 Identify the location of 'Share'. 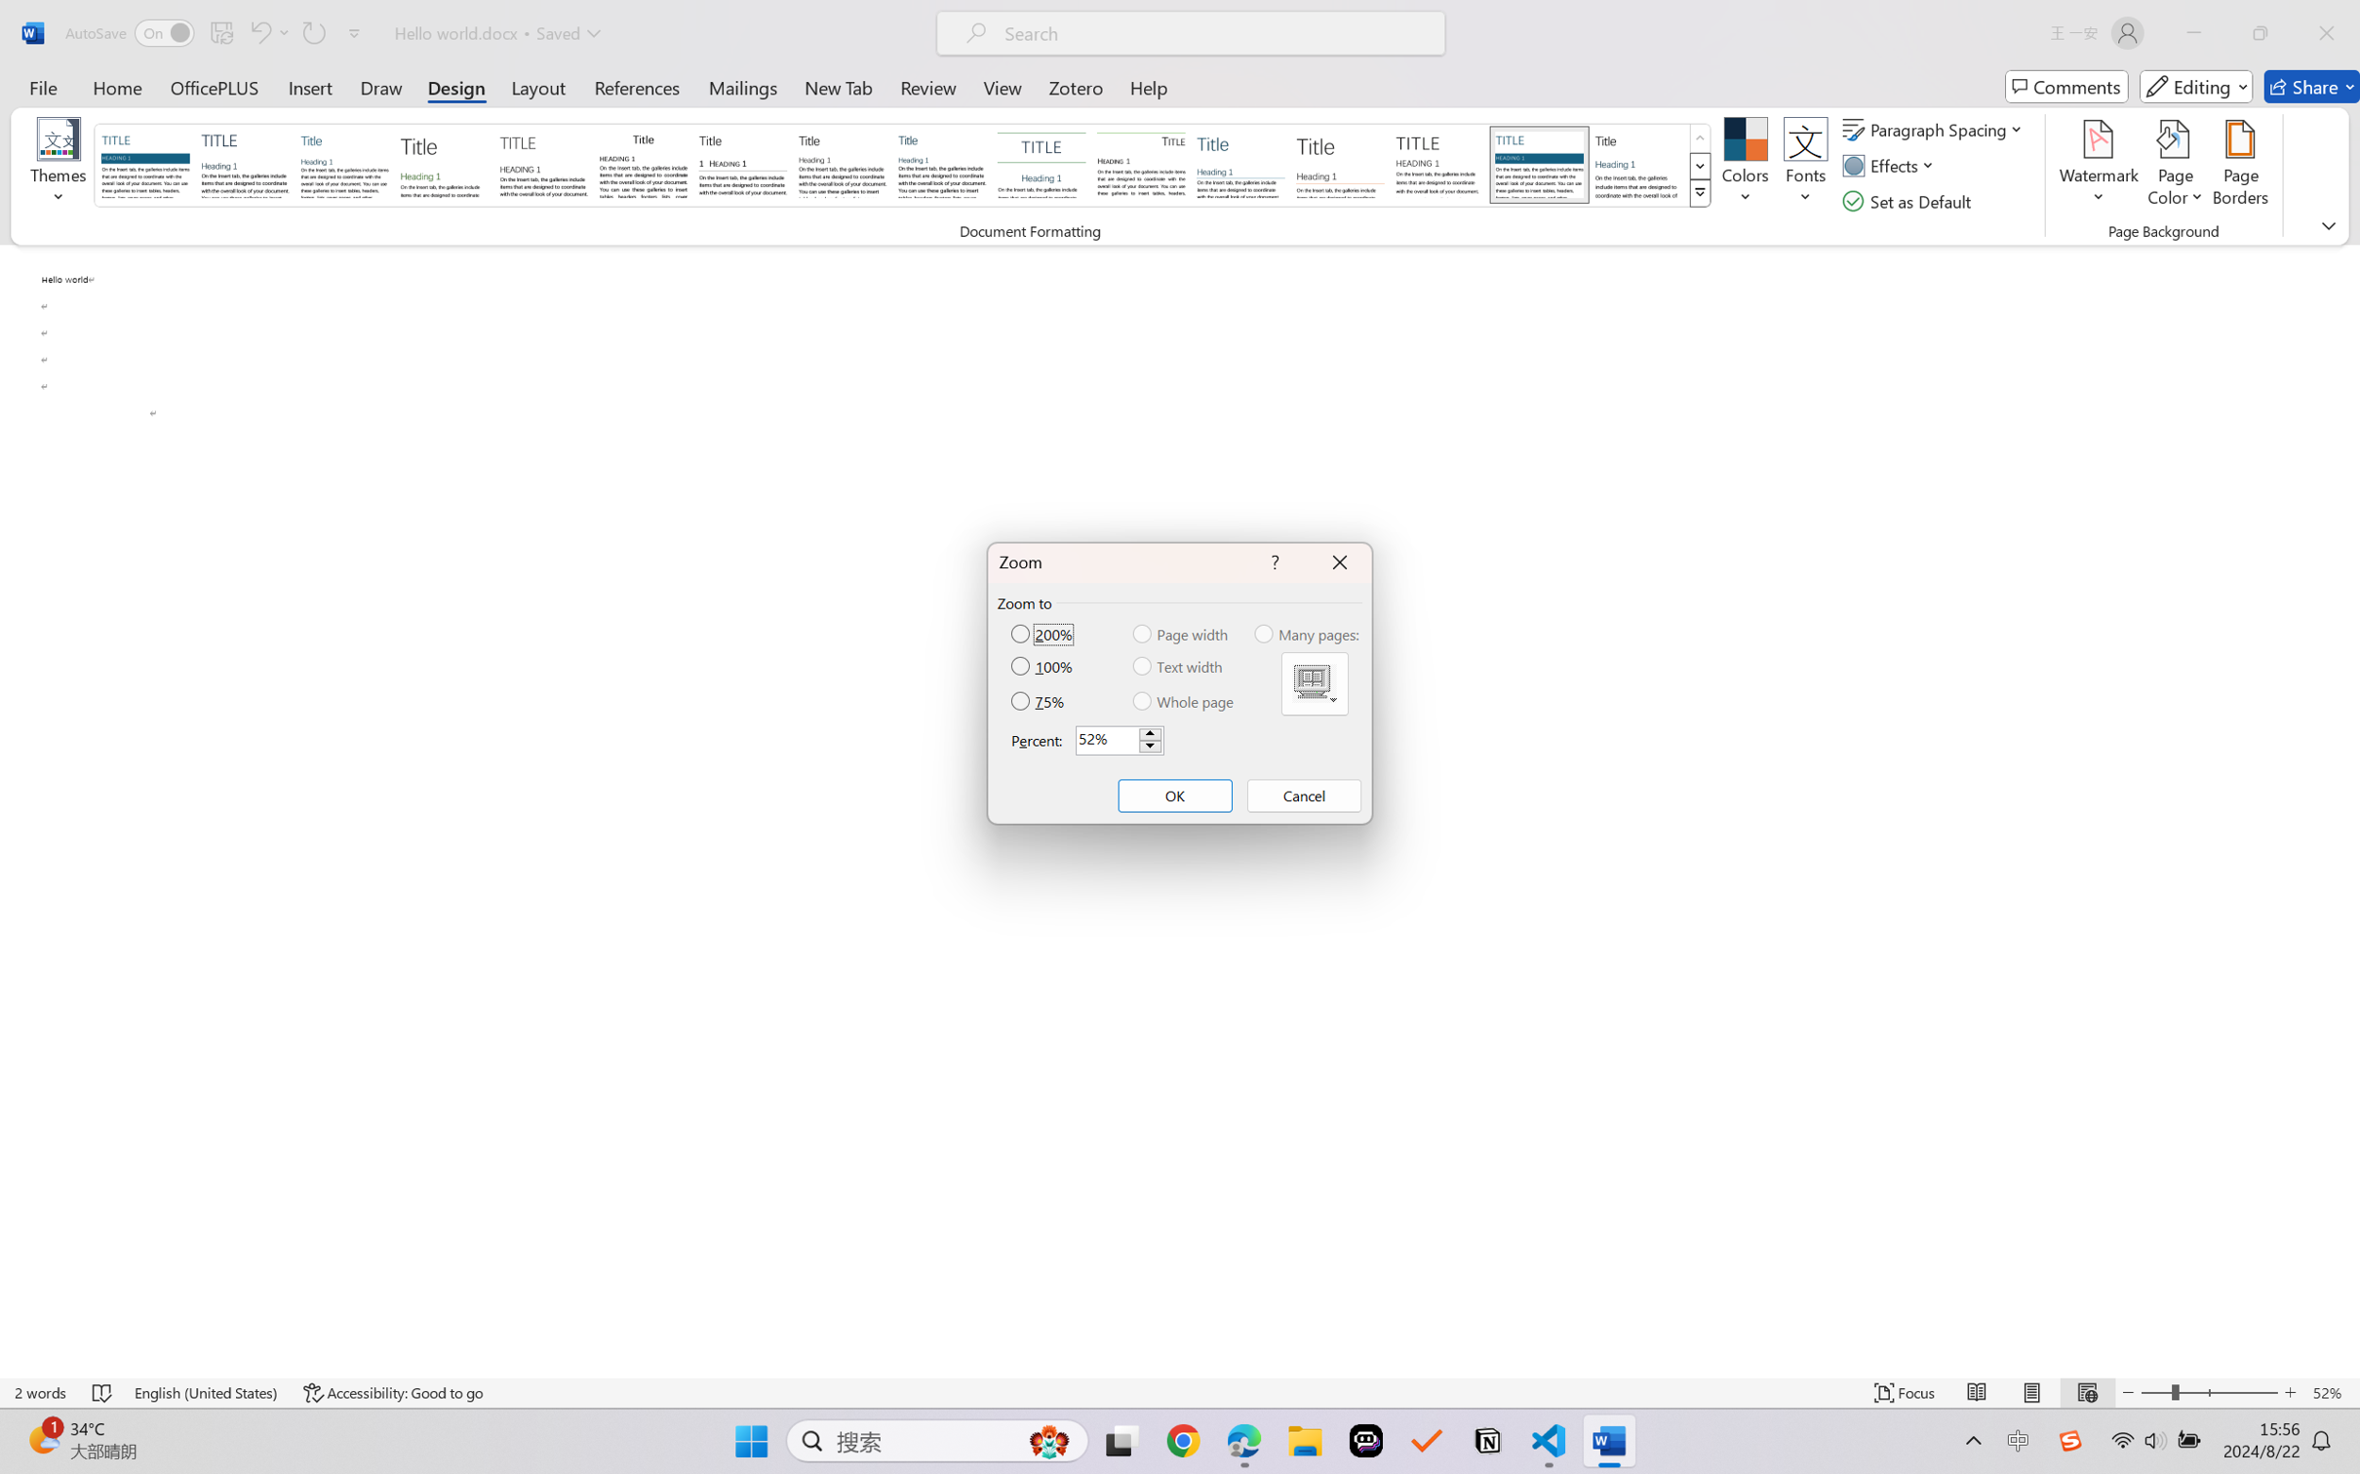
(2311, 86).